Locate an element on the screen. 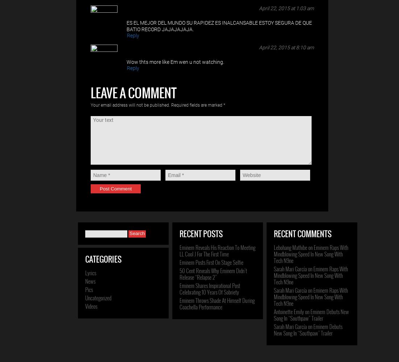 This screenshot has width=399, height=362. 'Antoinette Emily' is located at coordinates (289, 311).